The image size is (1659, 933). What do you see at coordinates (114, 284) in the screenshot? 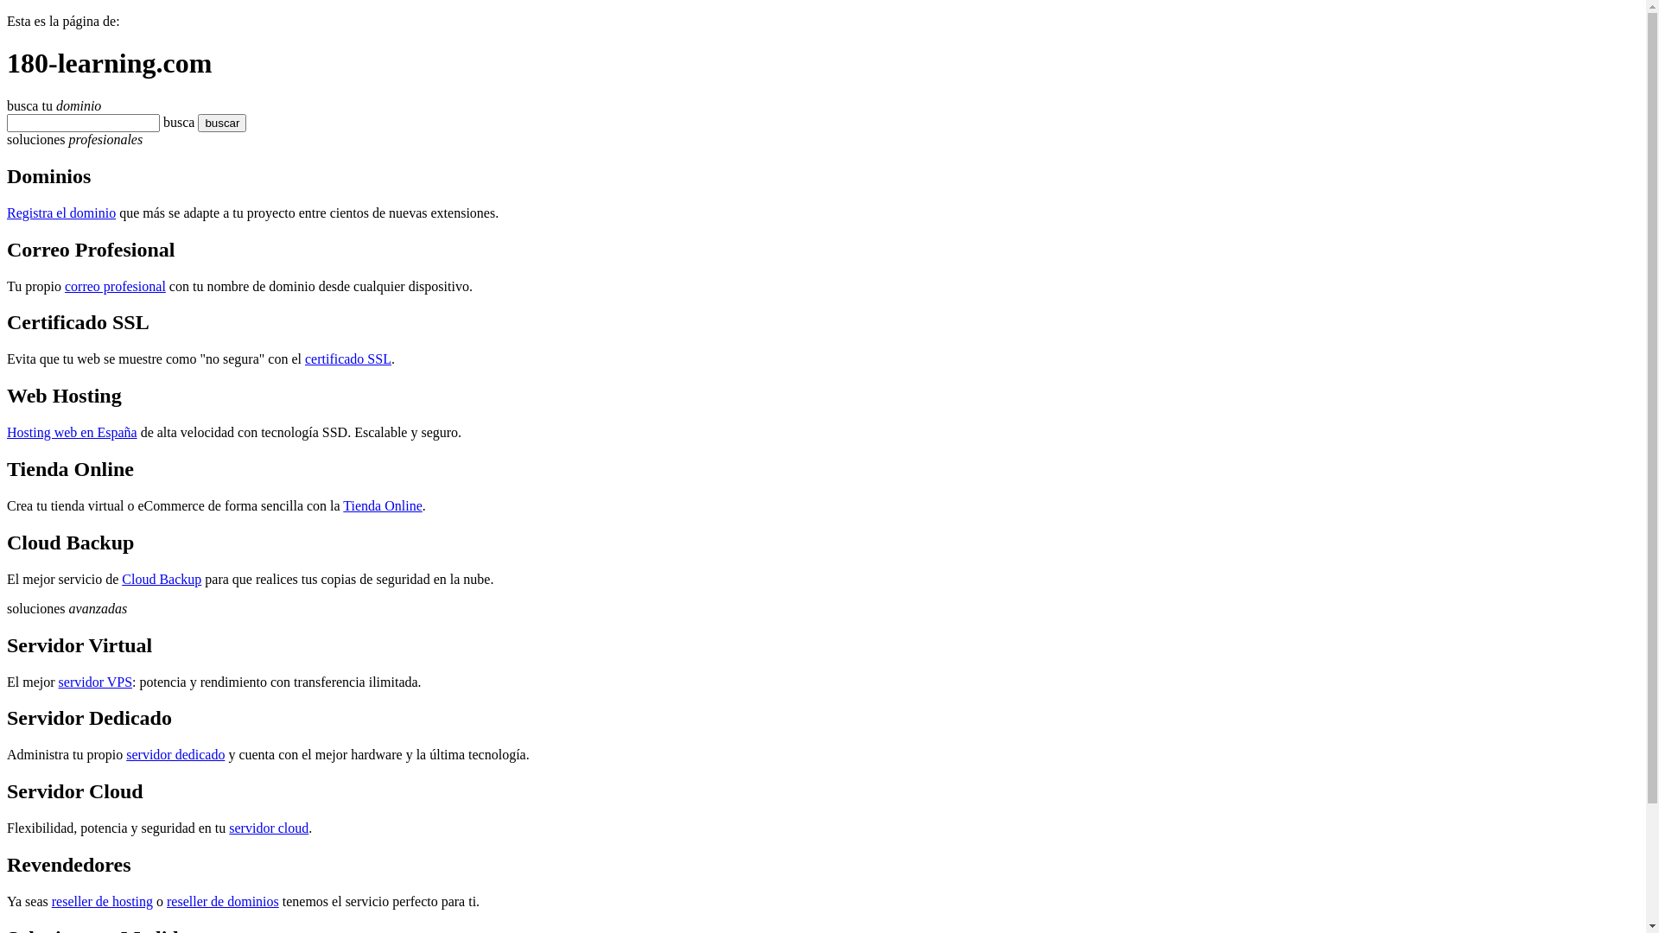
I see `'correo profesional'` at bounding box center [114, 284].